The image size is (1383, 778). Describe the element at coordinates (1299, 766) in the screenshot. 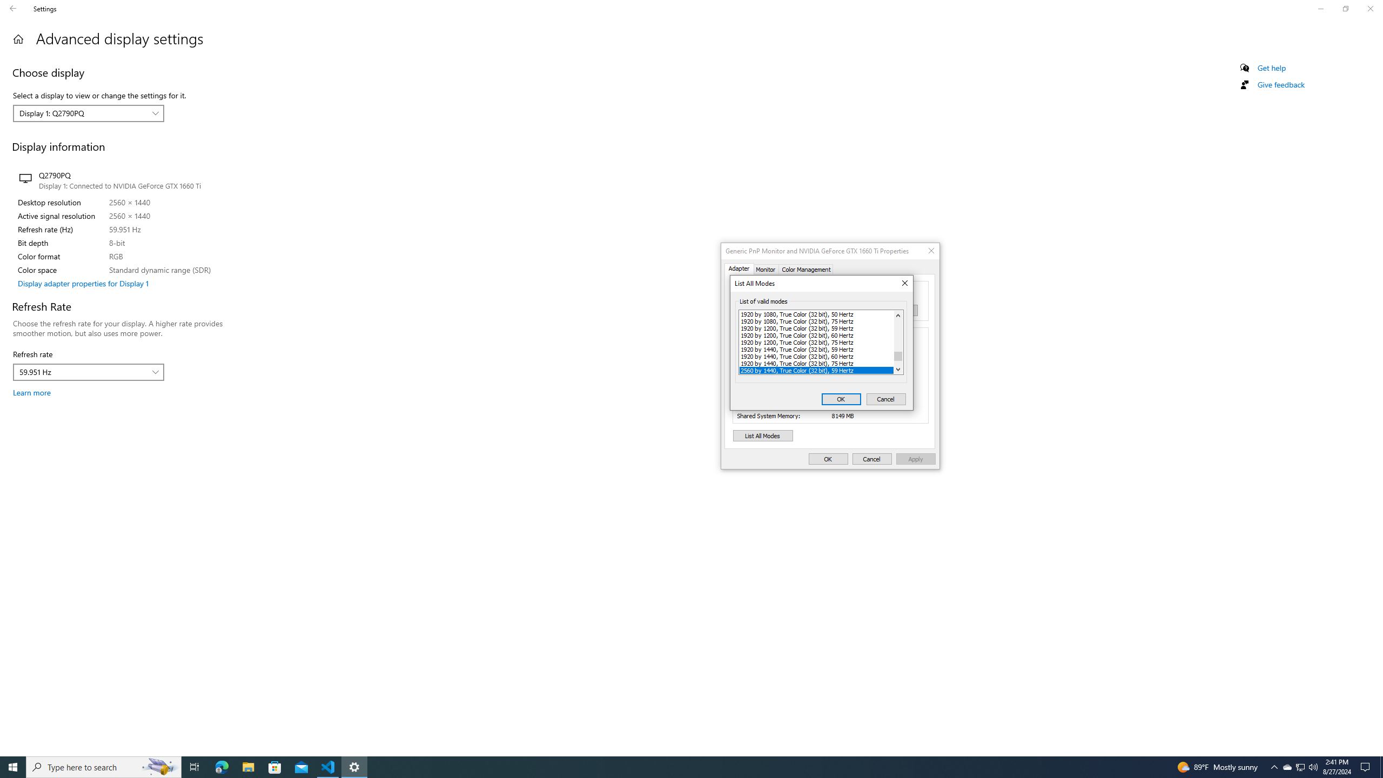

I see `'User Promoted Notification Area'` at that location.